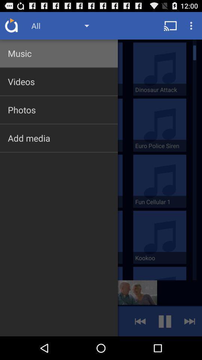  What do you see at coordinates (190, 344) in the screenshot?
I see `the skip_next icon` at bounding box center [190, 344].